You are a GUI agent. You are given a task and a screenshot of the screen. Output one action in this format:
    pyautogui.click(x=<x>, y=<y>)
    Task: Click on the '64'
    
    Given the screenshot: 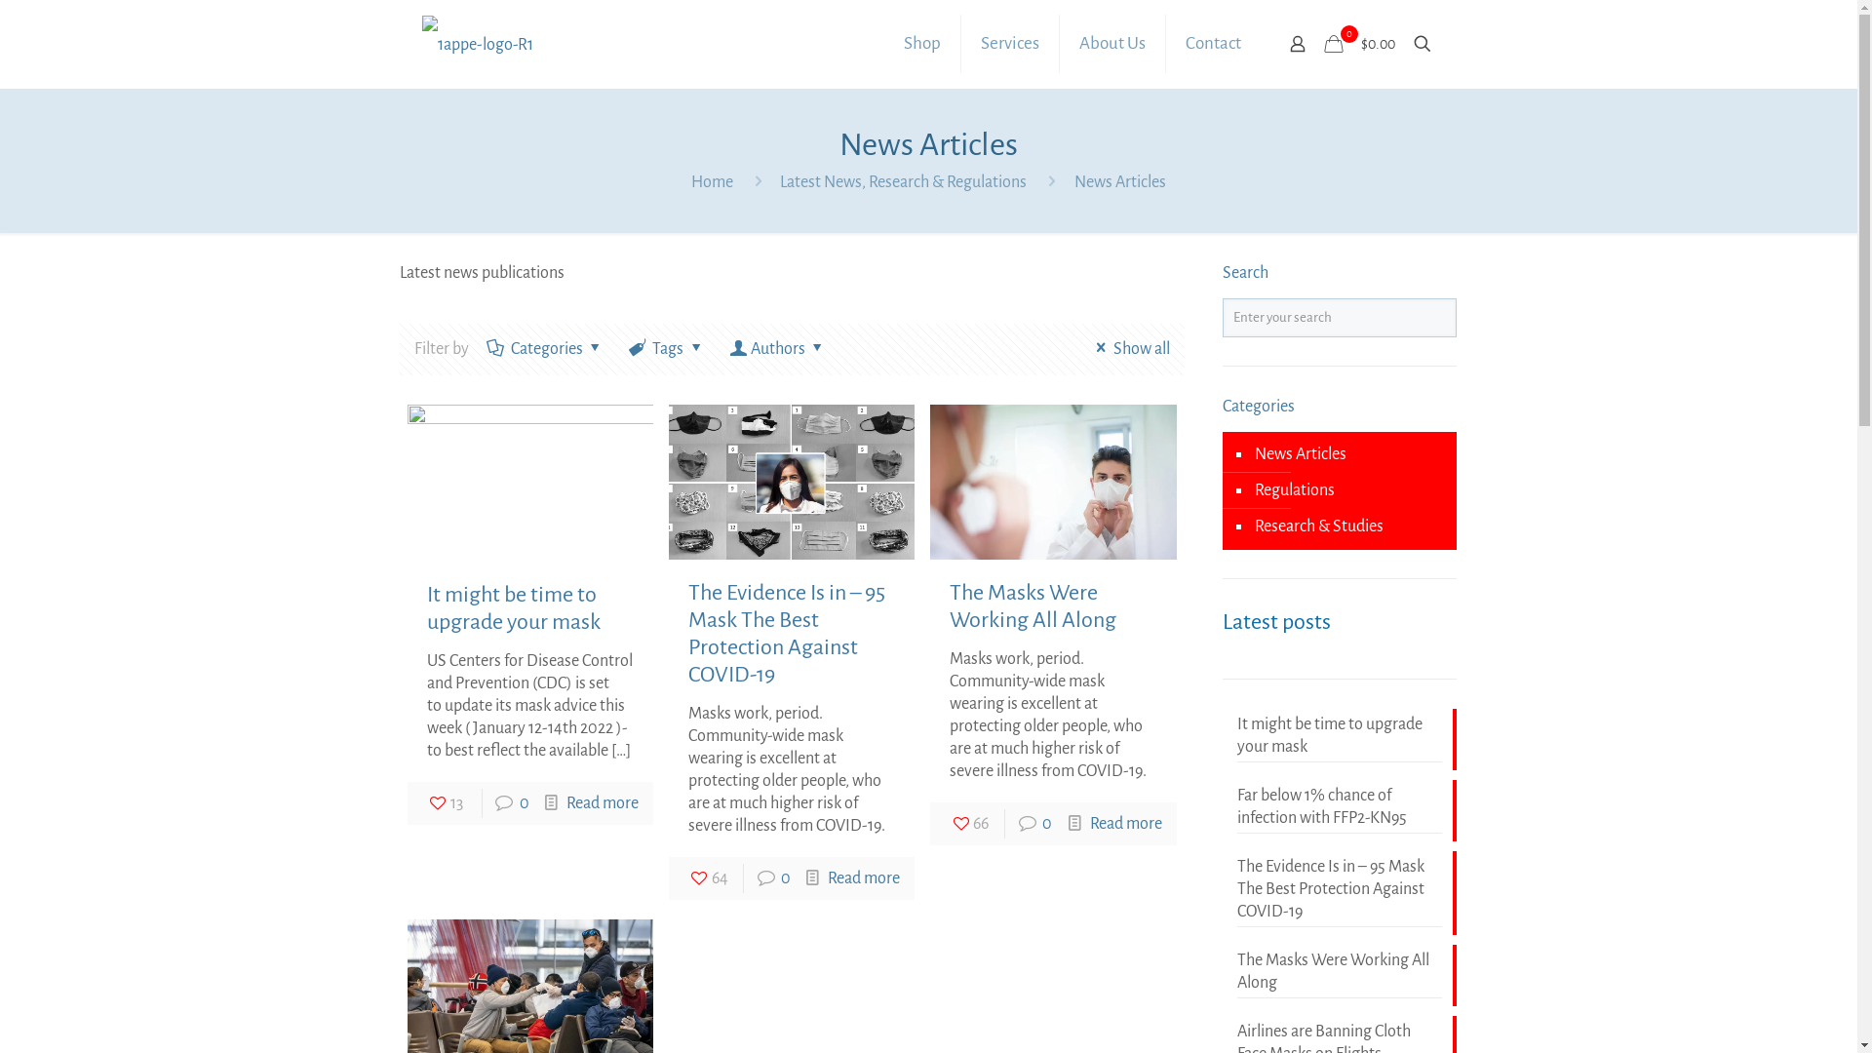 What is the action you would take?
    pyautogui.click(x=687, y=878)
    